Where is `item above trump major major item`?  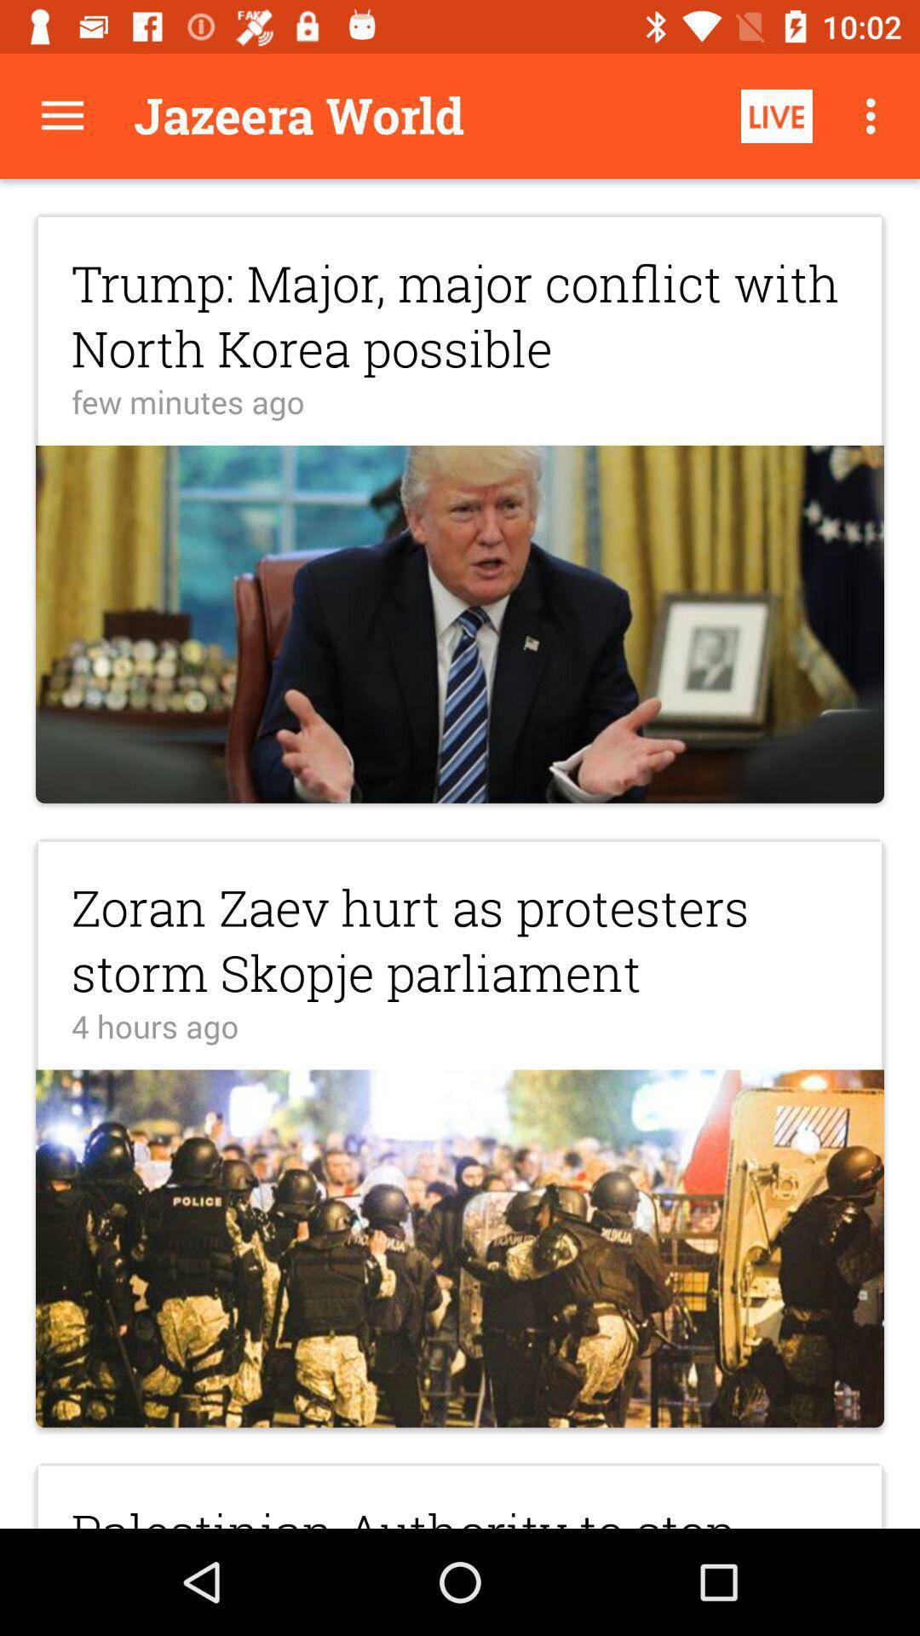 item above trump major major item is located at coordinates (776, 115).